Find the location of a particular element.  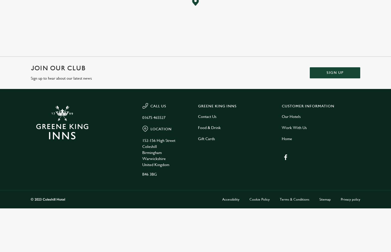

'Sitemap' is located at coordinates (325, 199).